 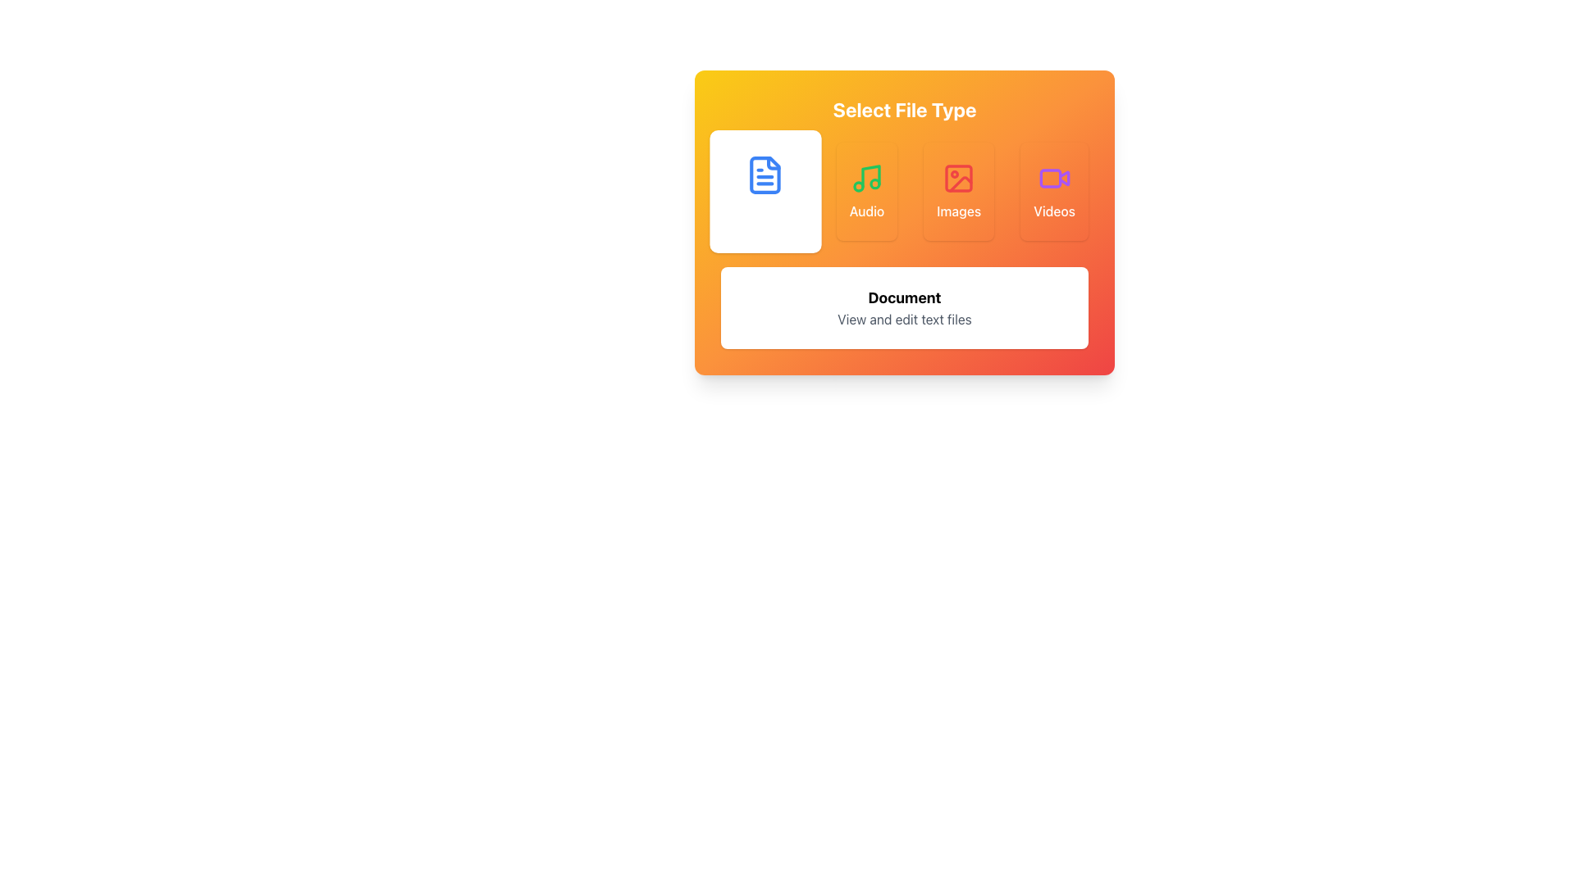 I want to click on the 'Document' button located beneath the 'Select File Type' heading, so click(x=765, y=191).